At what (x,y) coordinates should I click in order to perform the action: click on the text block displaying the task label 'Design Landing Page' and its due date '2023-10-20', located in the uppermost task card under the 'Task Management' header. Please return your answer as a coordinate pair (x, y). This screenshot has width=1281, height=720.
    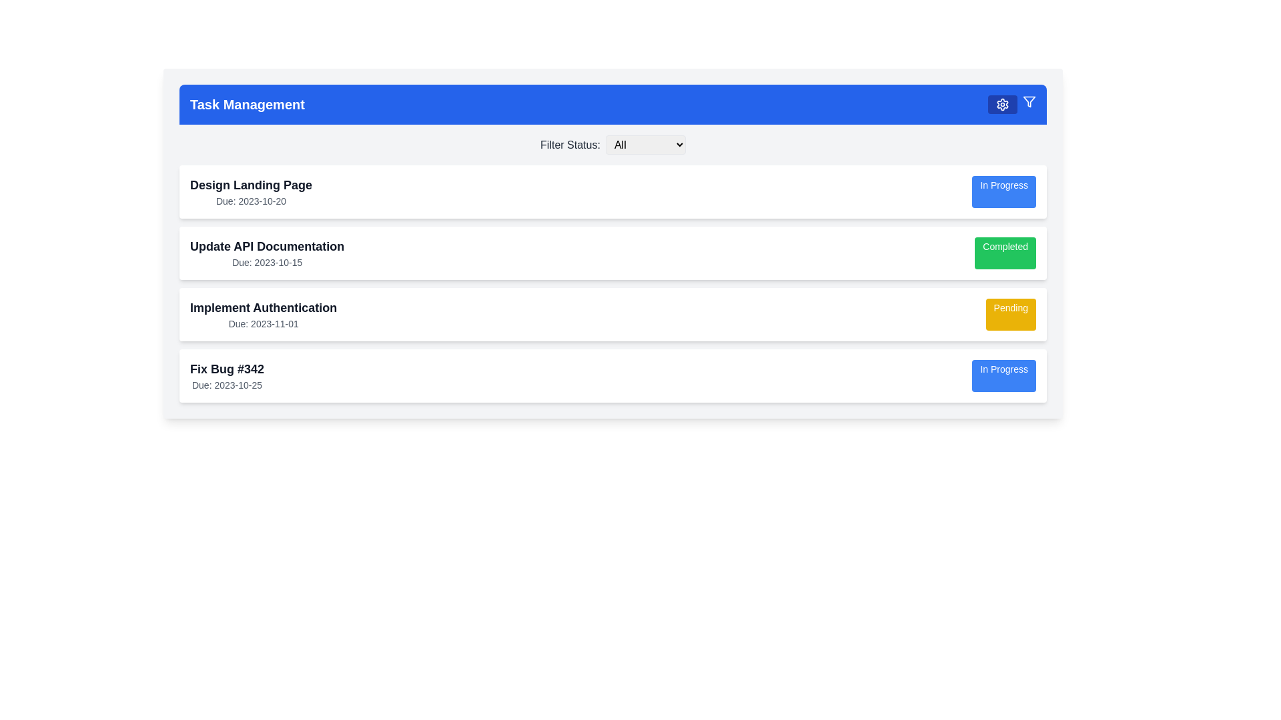
    Looking at the image, I should click on (251, 192).